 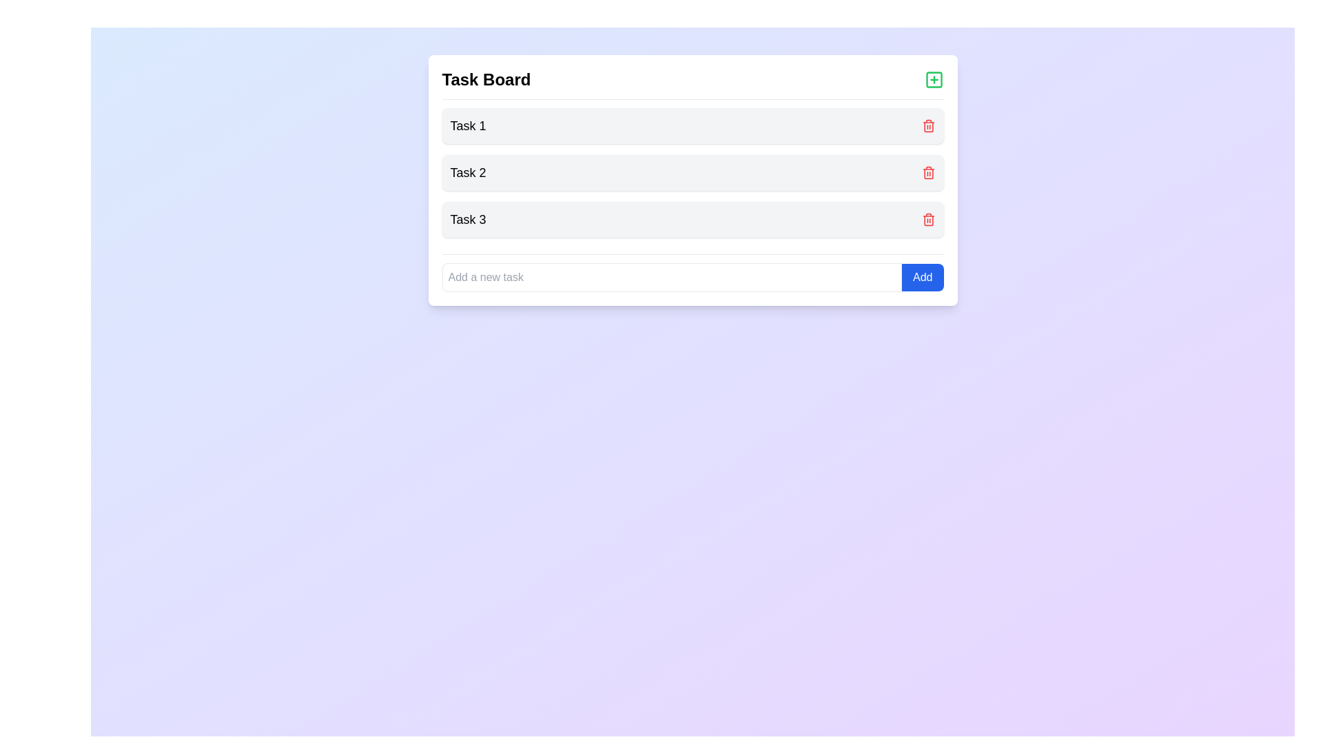 What do you see at coordinates (923, 277) in the screenshot?
I see `the 'Add' button, which is a rectangular button with a blue background and white text, to change its appearance` at bounding box center [923, 277].